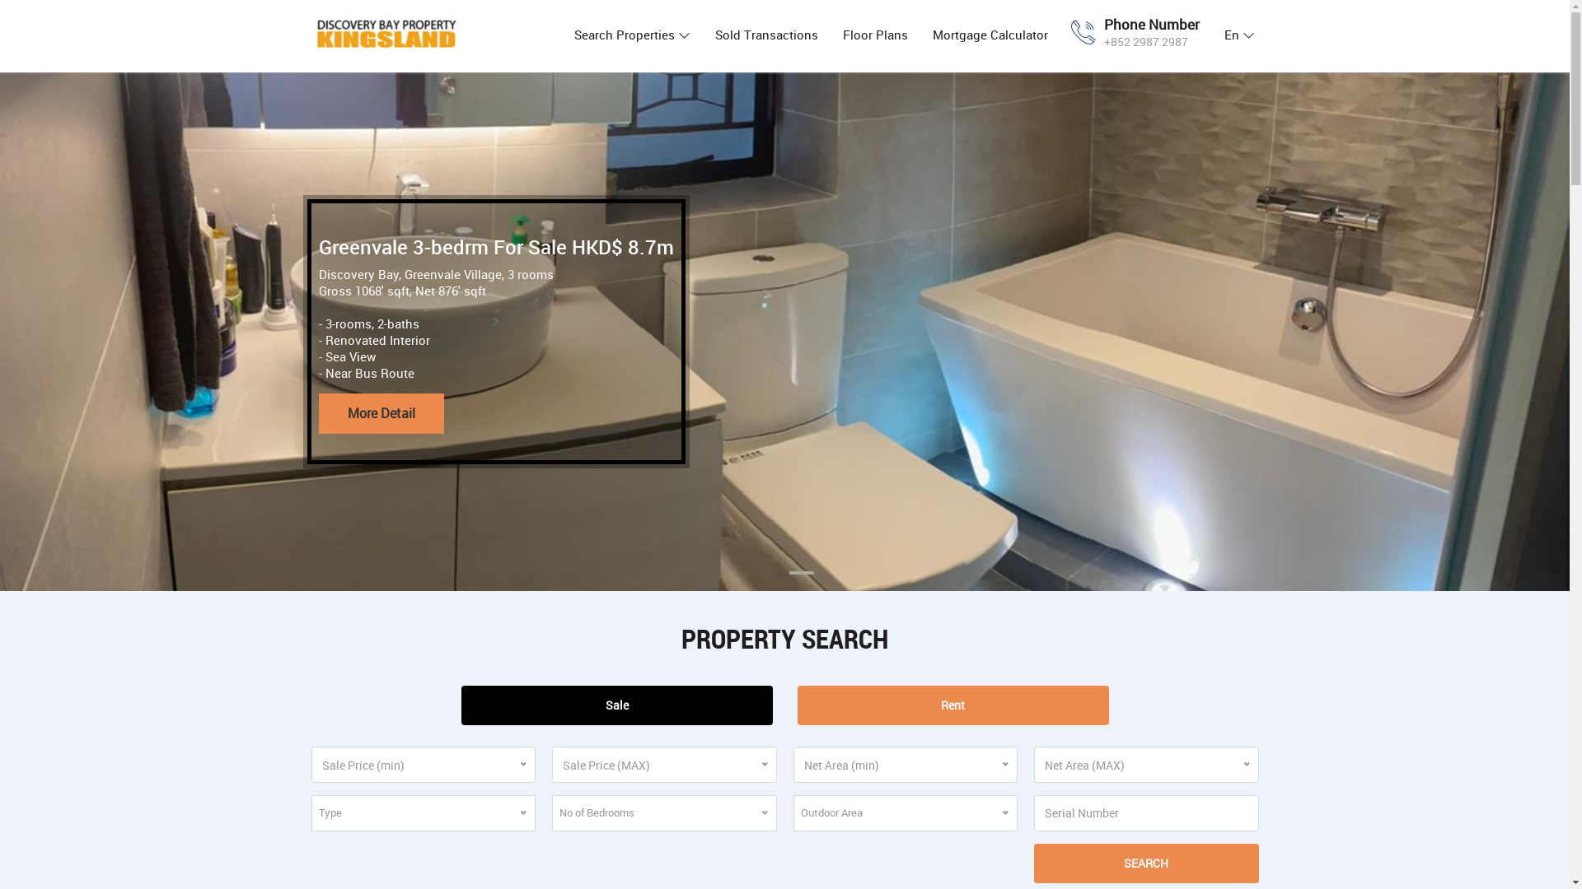 The width and height of the screenshot is (1582, 889). I want to click on 'Sale', so click(615, 704).